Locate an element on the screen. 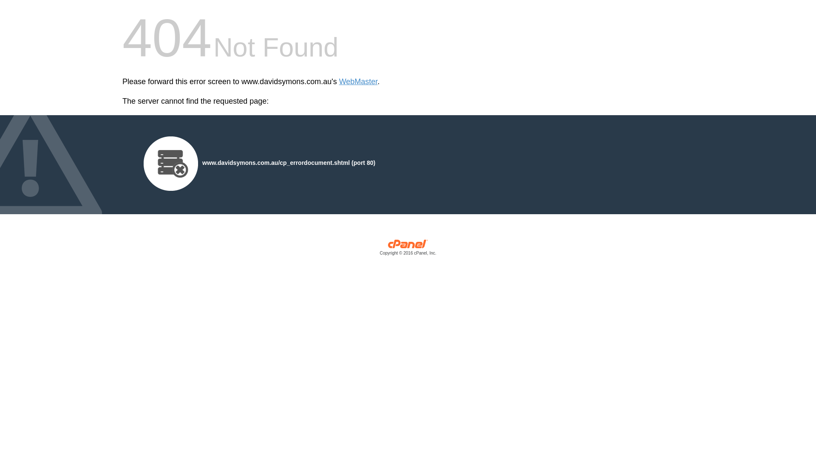 The height and width of the screenshot is (459, 816). 'WebMaster' is located at coordinates (338, 82).